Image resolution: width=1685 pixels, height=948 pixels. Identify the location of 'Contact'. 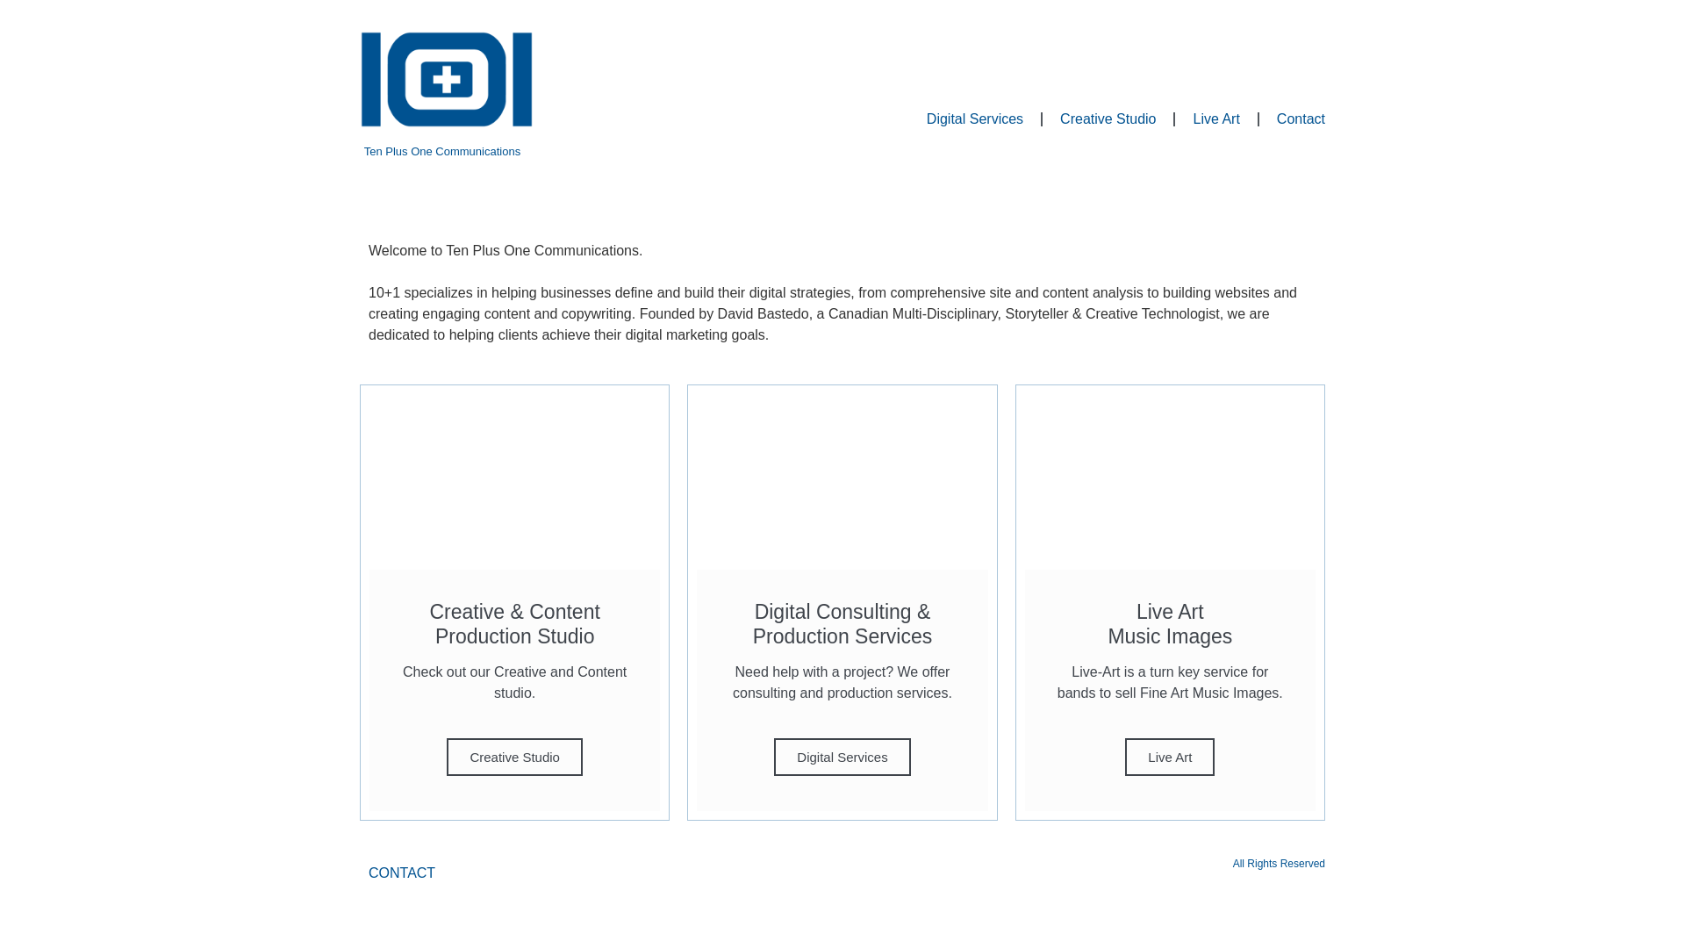
(1301, 118).